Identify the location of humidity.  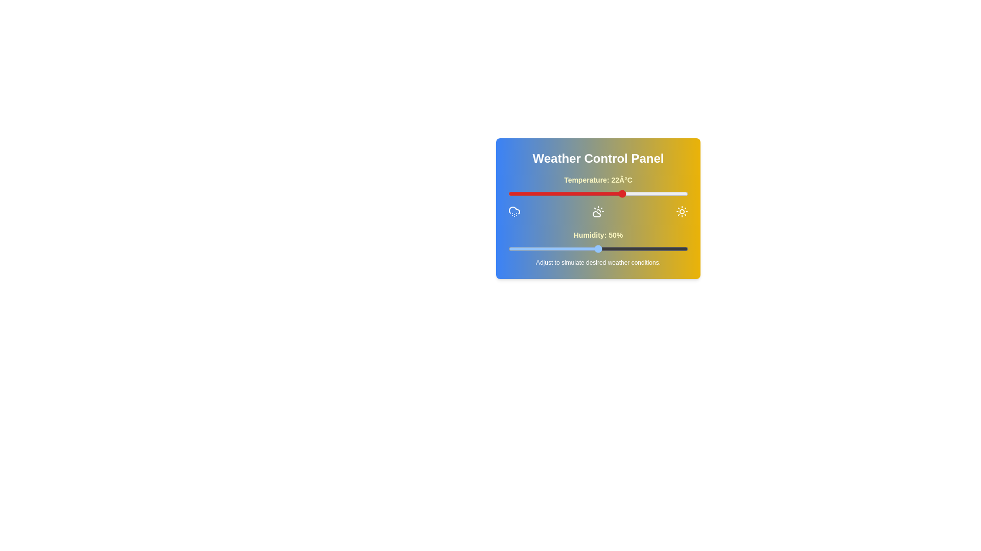
(628, 249).